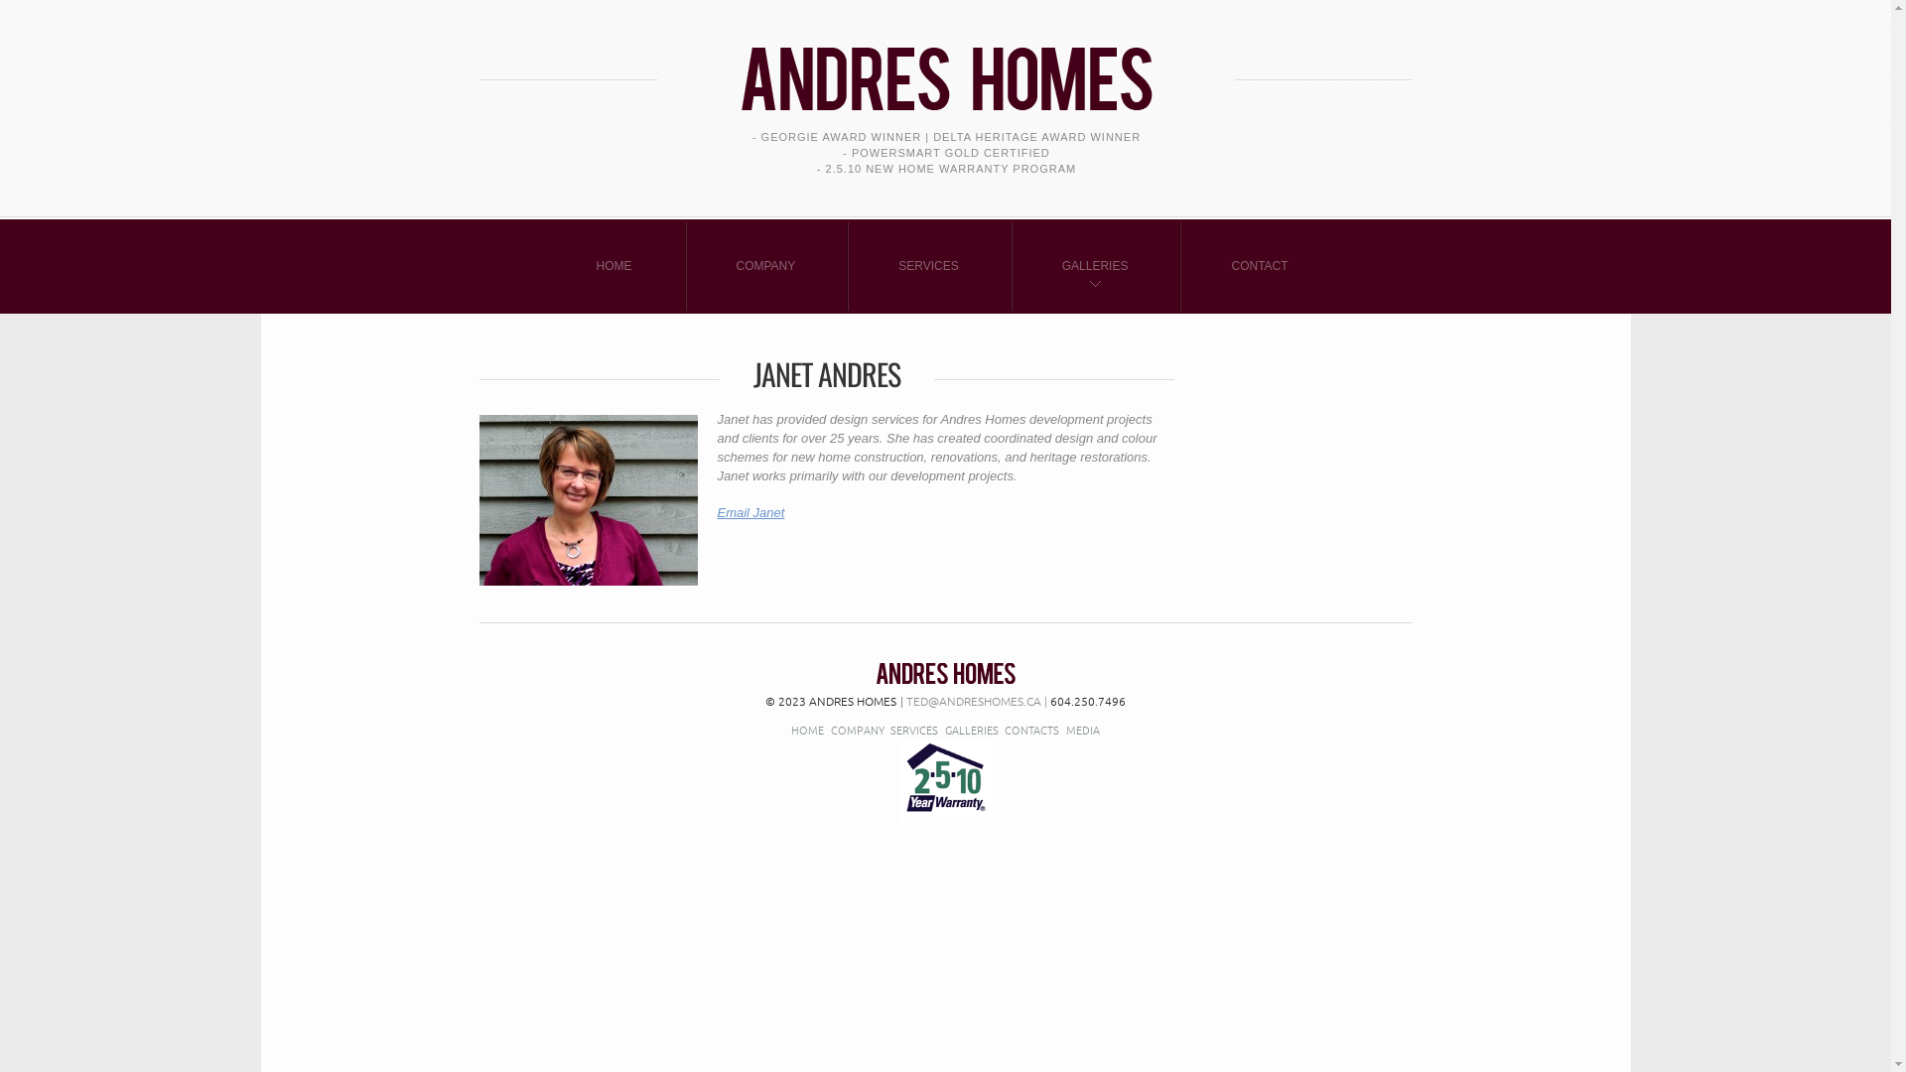  Describe the element at coordinates (972, 730) in the screenshot. I see `'GALLERIES'` at that location.